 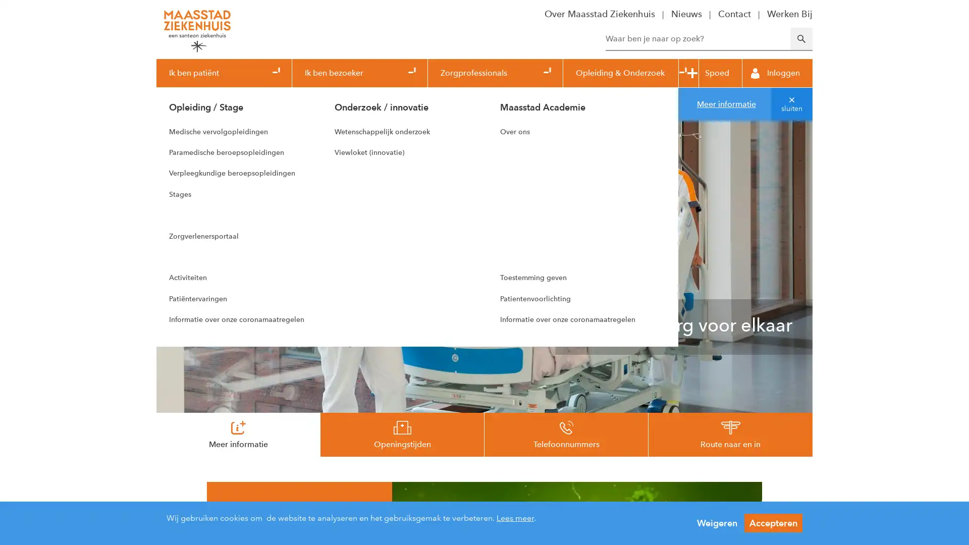 What do you see at coordinates (223, 73) in the screenshot?
I see `Ik ben patient` at bounding box center [223, 73].